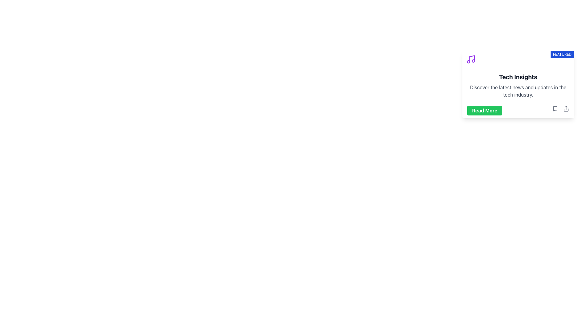  Describe the element at coordinates (484, 110) in the screenshot. I see `the green rectangular button labeled 'Read More'` at that location.